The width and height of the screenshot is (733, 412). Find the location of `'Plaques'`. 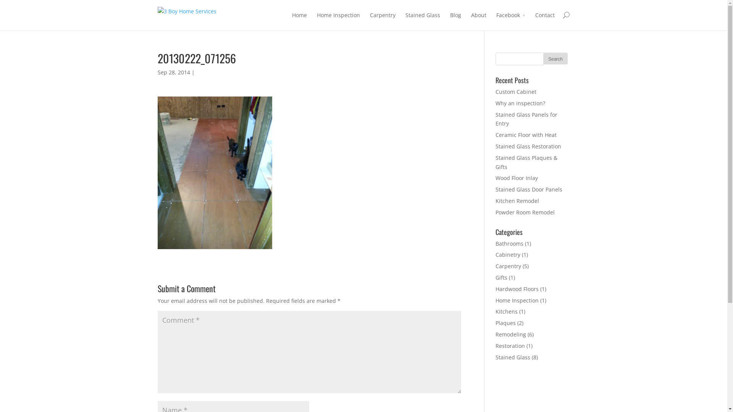

'Plaques' is located at coordinates (505, 323).